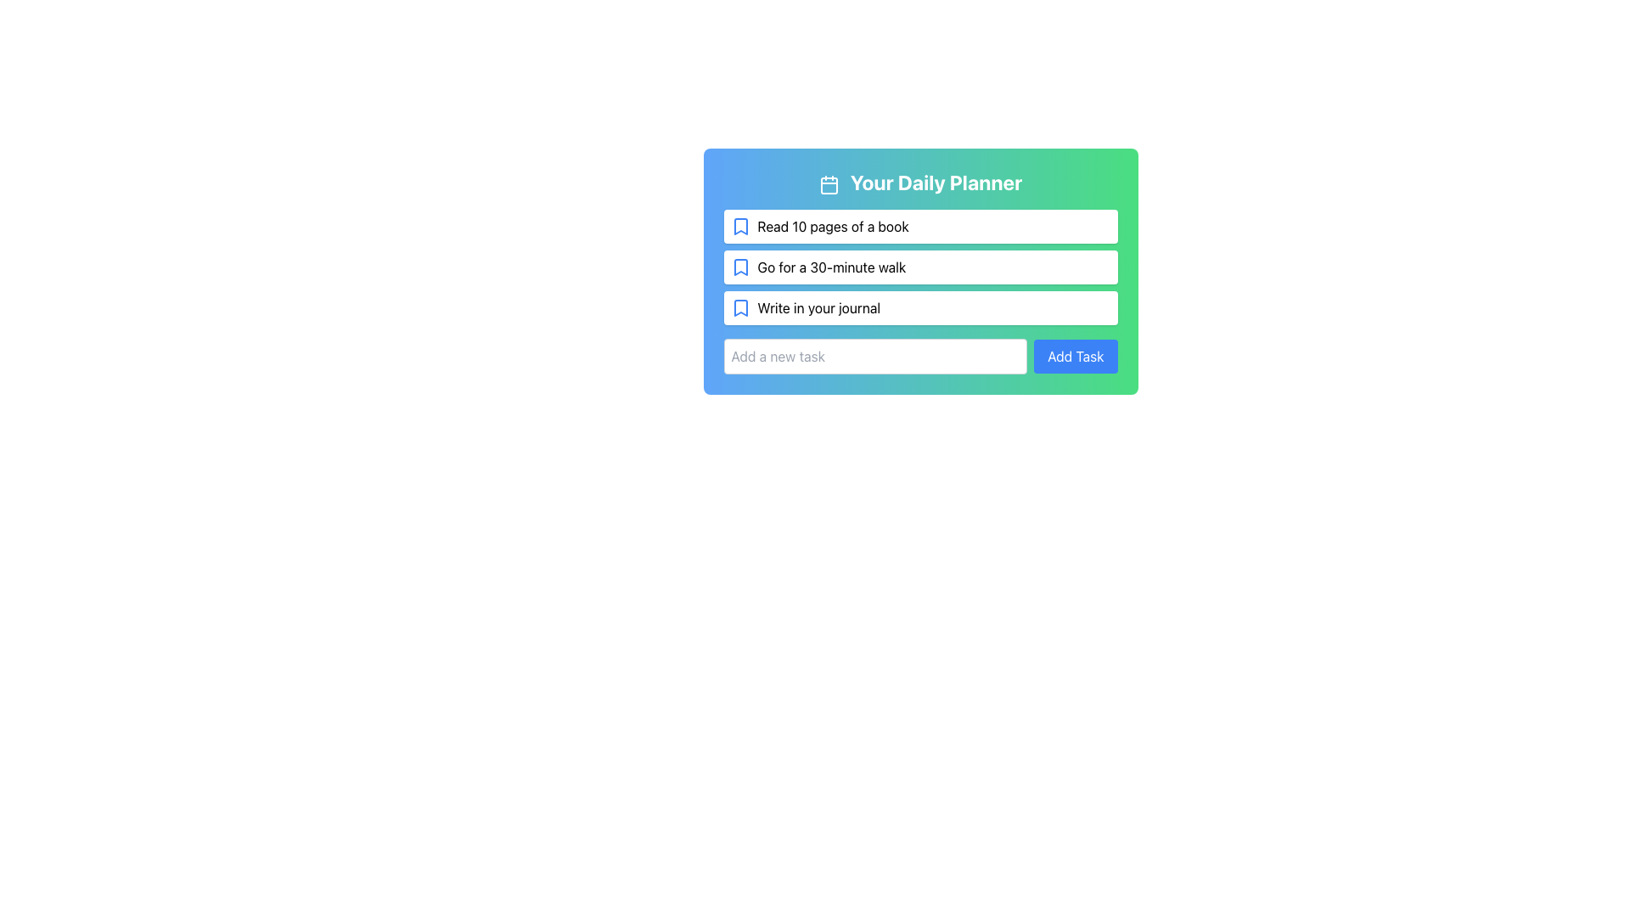 The image size is (1630, 917). Describe the element at coordinates (740, 267) in the screenshot. I see `the favorite/bookmark icon located to the left of the text 'Go for a 30-minute walk'` at that location.